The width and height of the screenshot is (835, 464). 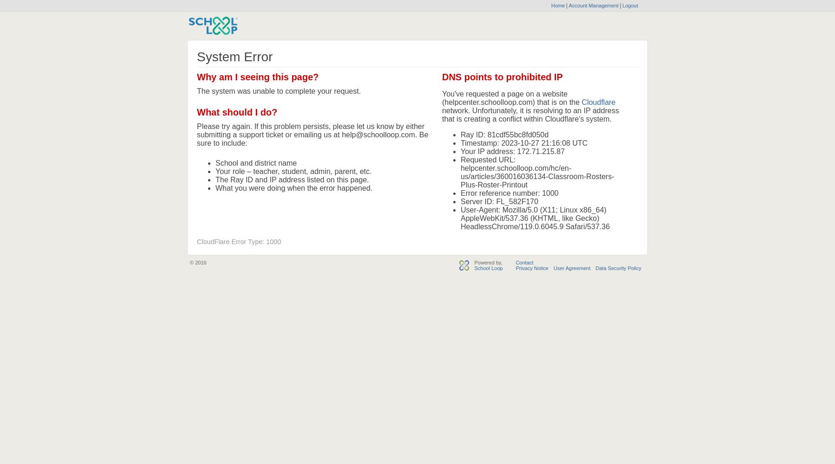 I want to click on 'What should I do?', so click(x=237, y=112).